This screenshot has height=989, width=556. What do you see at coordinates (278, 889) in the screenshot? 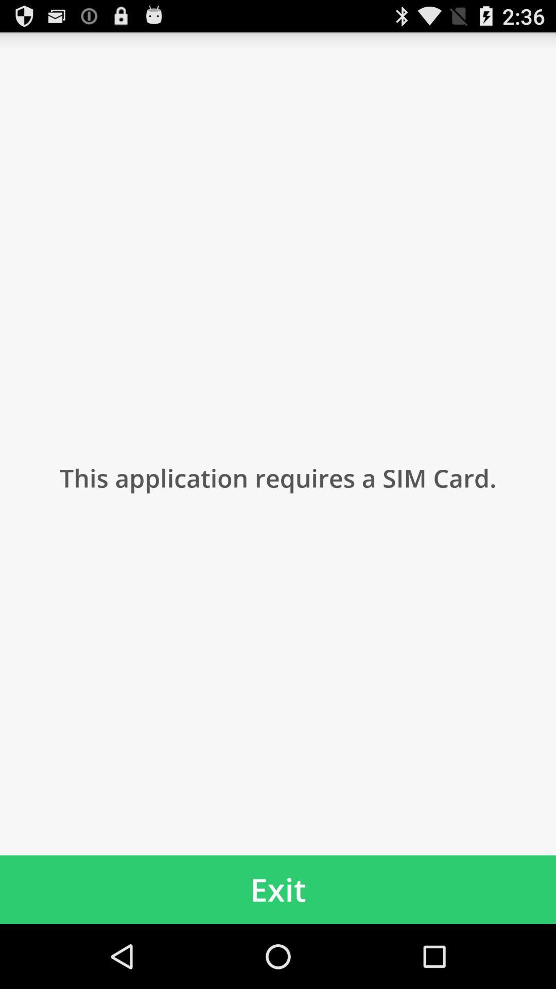
I see `icon at the bottom` at bounding box center [278, 889].